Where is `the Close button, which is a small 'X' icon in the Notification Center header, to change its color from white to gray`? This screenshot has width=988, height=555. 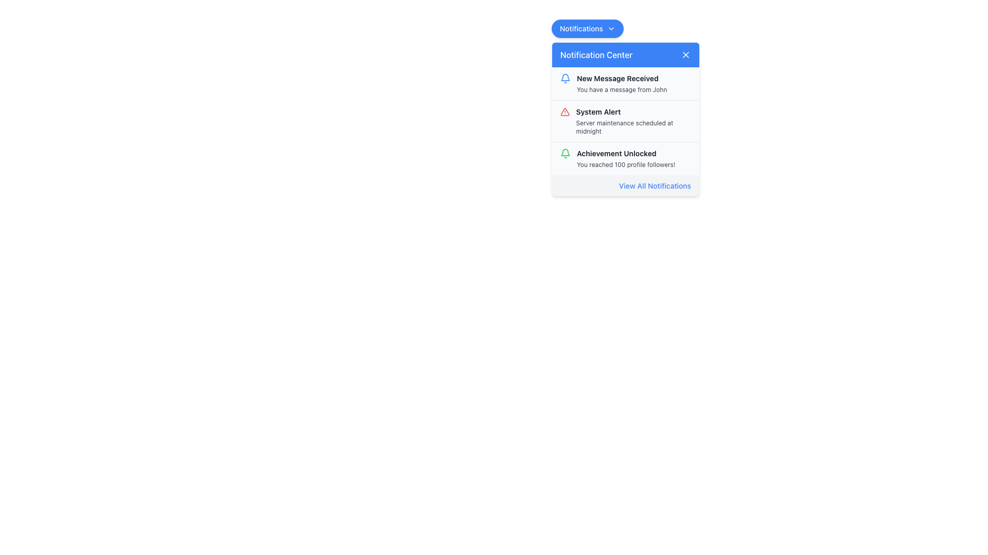 the Close button, which is a small 'X' icon in the Notification Center header, to change its color from white to gray is located at coordinates (686, 55).